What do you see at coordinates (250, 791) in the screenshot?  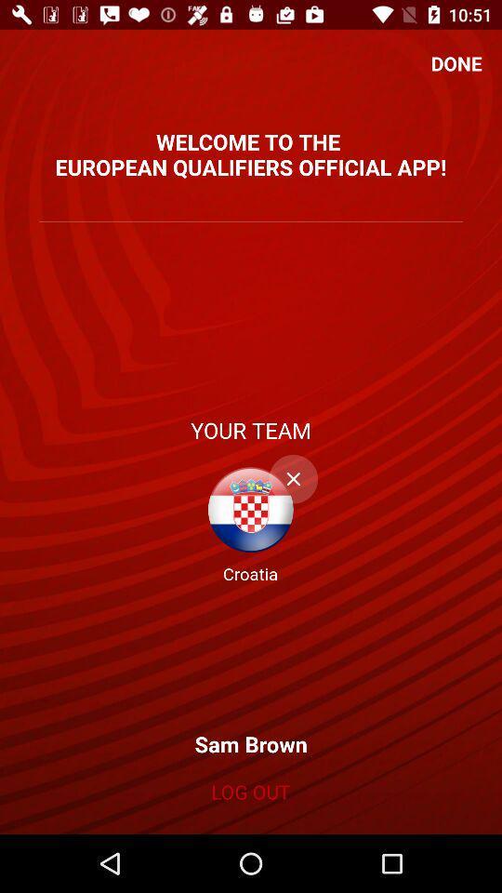 I see `log out icon` at bounding box center [250, 791].